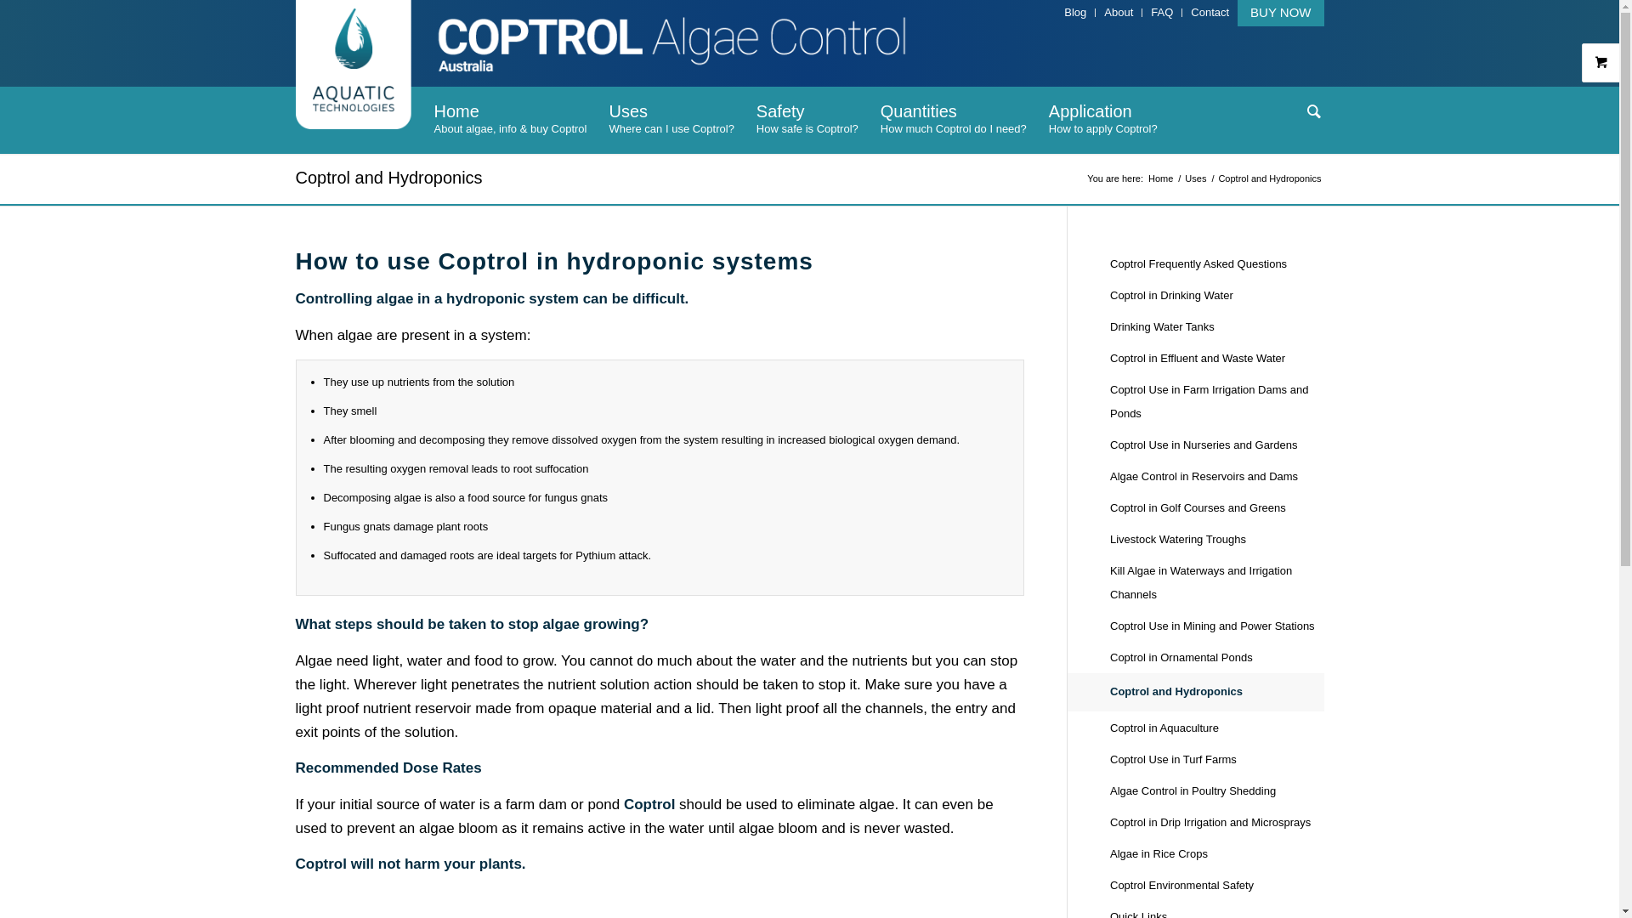  I want to click on 'Coptrol in Drinking Water', so click(1215, 295).